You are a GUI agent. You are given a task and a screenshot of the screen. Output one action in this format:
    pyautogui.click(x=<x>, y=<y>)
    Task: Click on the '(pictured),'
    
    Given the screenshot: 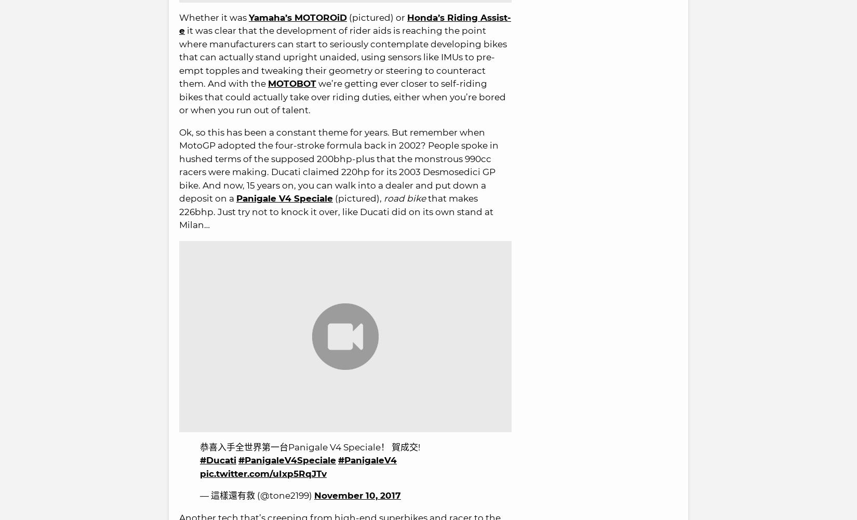 What is the action you would take?
    pyautogui.click(x=332, y=197)
    